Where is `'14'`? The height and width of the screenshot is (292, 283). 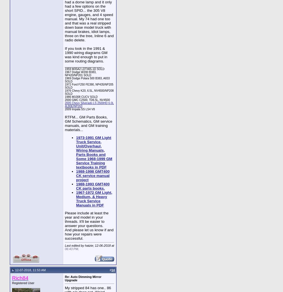
'14' is located at coordinates (113, 270).